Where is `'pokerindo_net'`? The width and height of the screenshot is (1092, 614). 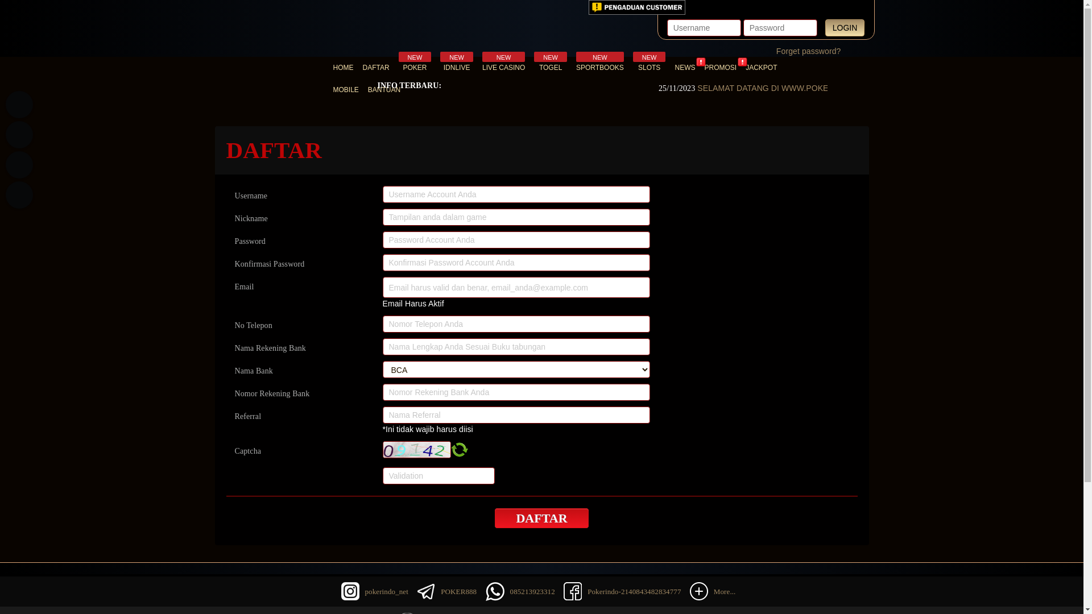
'pokerindo_net' is located at coordinates (387, 591).